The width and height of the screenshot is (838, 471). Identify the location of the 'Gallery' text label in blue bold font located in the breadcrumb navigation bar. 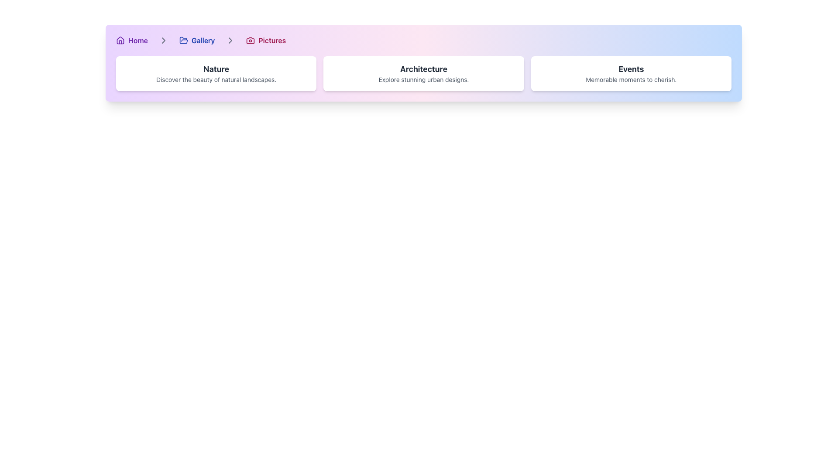
(203, 40).